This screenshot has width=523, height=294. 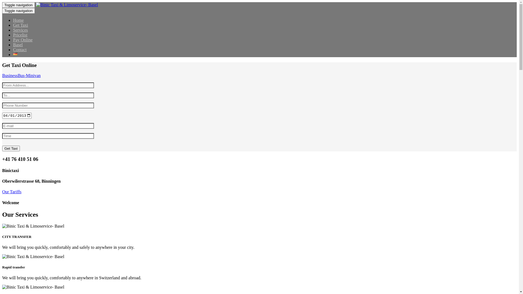 I want to click on 'Bus-Minivan', so click(x=29, y=75).